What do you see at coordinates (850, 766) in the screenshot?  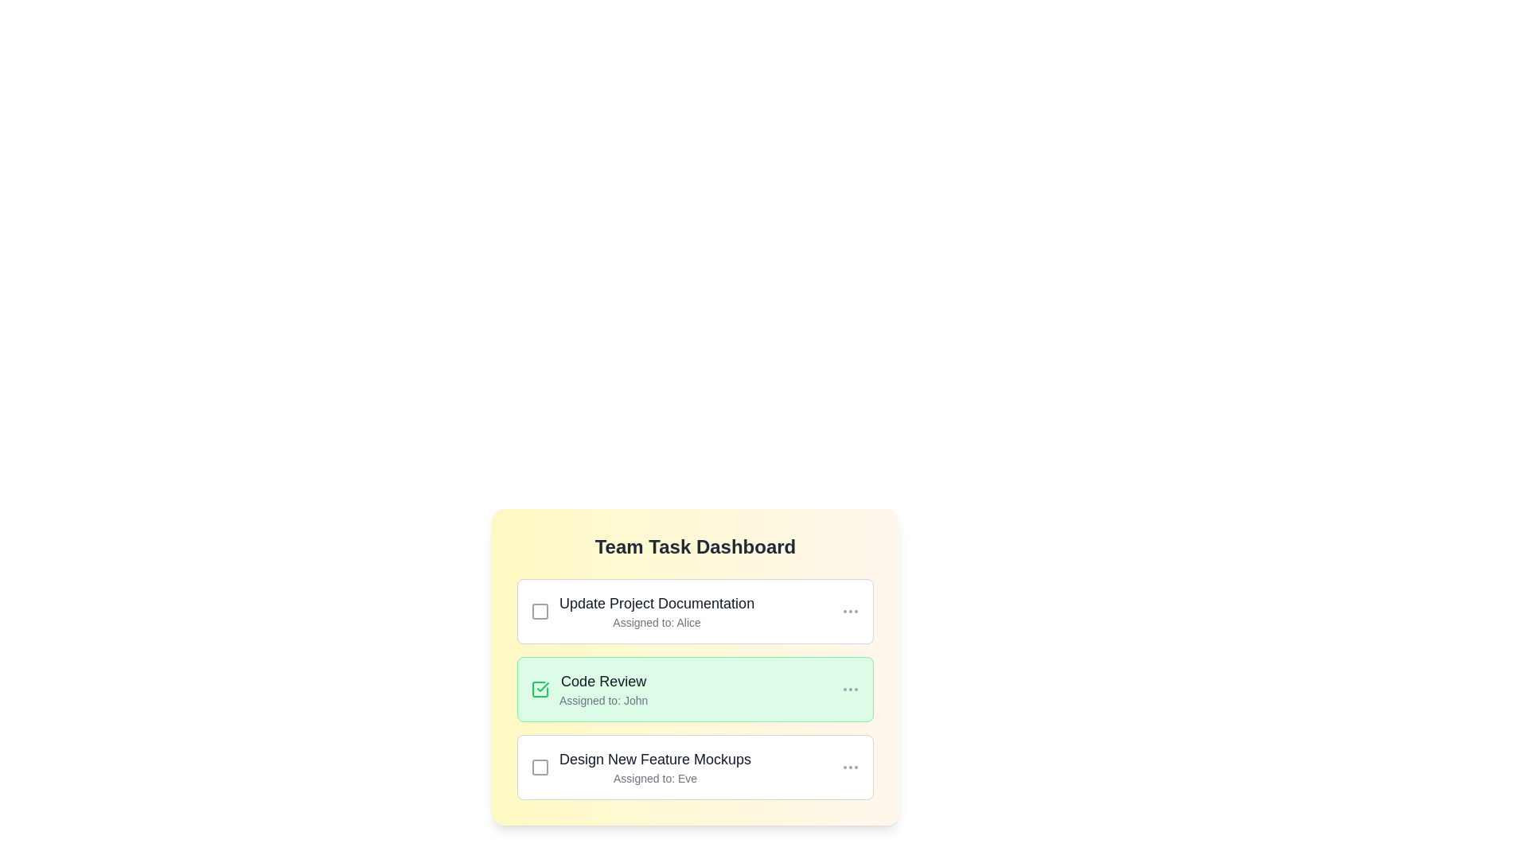 I see `the 'More' button for the task 'Design New Feature Mockups'` at bounding box center [850, 766].